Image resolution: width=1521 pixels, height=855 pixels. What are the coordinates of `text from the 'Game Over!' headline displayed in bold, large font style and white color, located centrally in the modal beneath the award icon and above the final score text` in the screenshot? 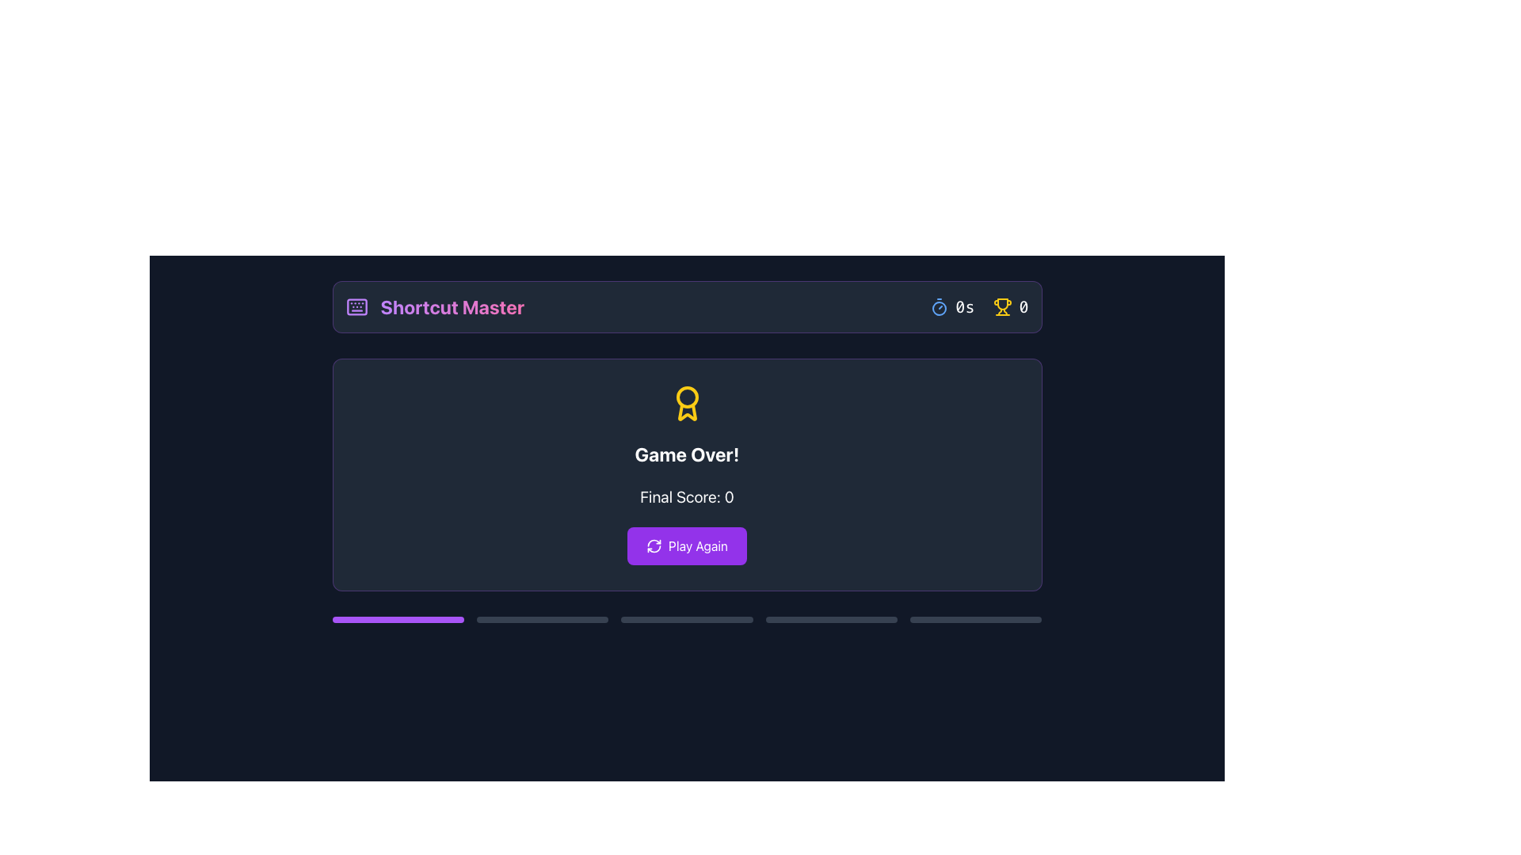 It's located at (687, 454).